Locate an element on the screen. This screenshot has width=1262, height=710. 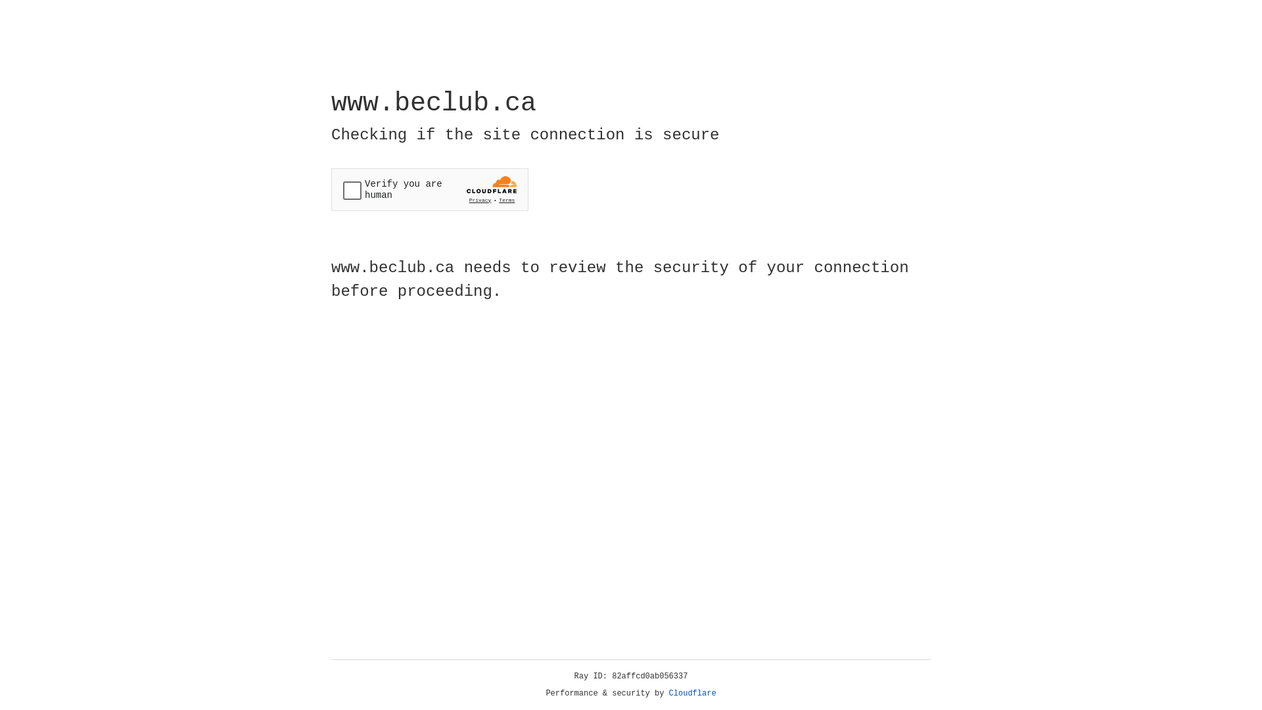
'Cloudflare' is located at coordinates (692, 693).